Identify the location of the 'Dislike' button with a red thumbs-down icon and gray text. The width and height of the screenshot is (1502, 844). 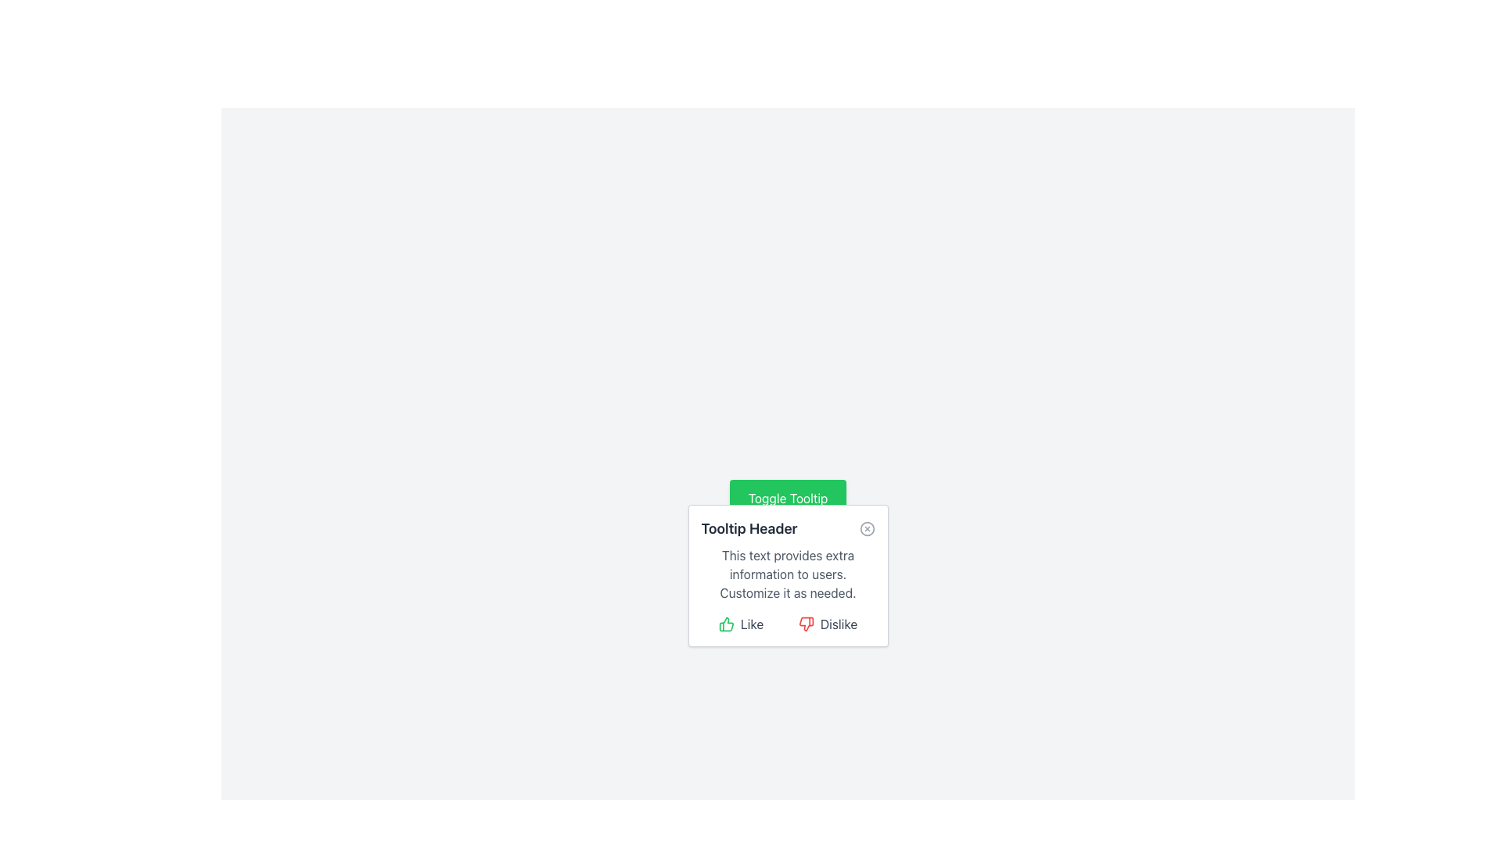
(827, 623).